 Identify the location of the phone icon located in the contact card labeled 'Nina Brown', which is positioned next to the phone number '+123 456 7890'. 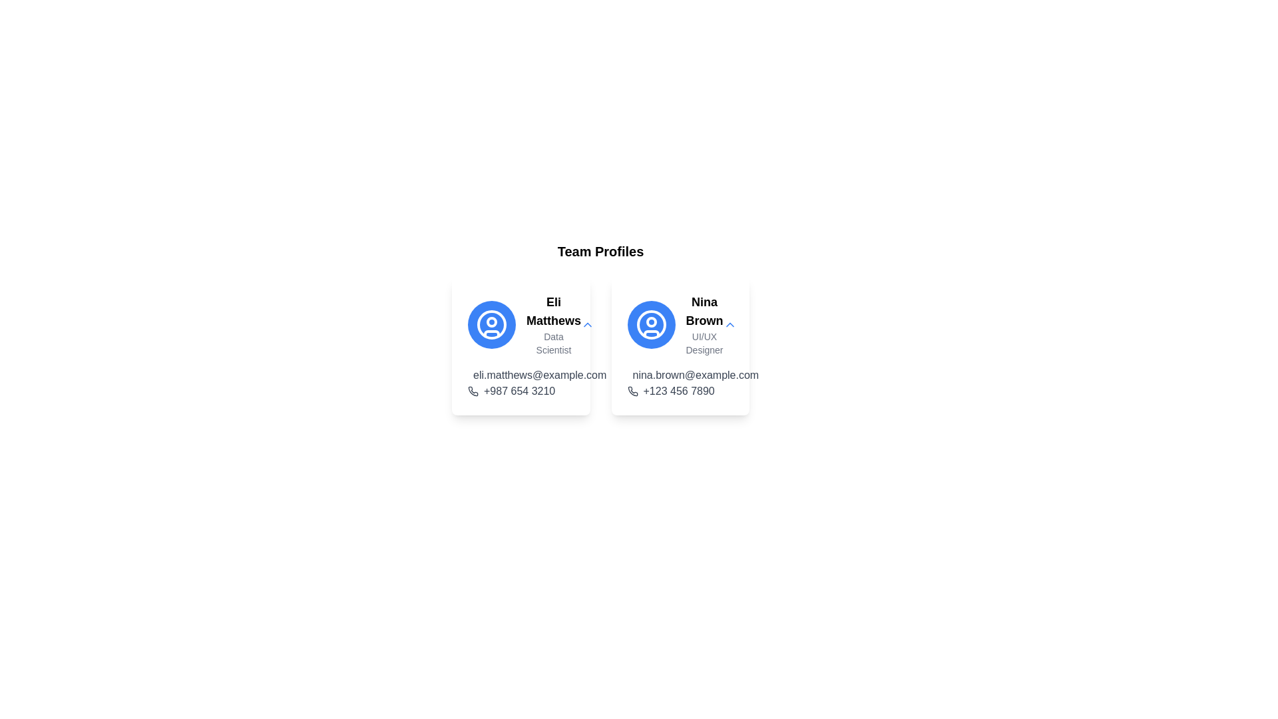
(632, 390).